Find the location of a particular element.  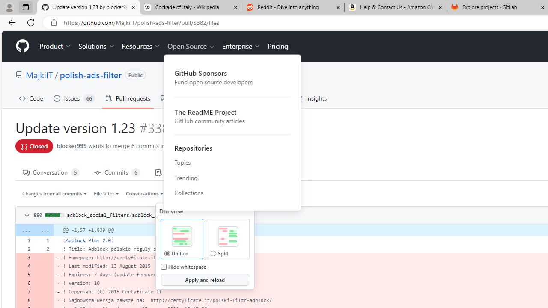

' Conversation 5' is located at coordinates (51, 172).